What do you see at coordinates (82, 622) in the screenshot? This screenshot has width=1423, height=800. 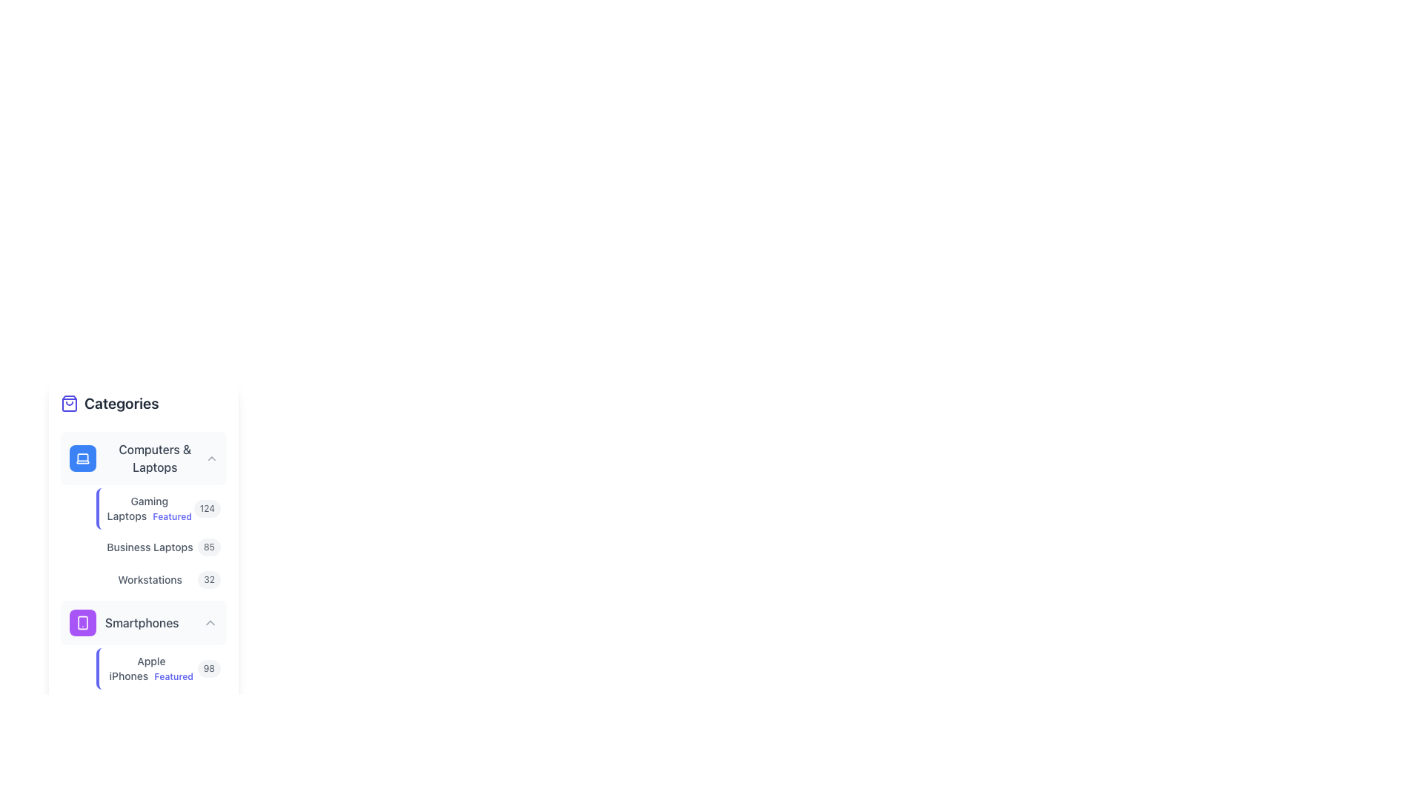 I see `the smartphone icon located below the 'Computers & Laptops' section and to the left of the 'Smartphones' collapsible header in the sidebar navigation` at bounding box center [82, 622].